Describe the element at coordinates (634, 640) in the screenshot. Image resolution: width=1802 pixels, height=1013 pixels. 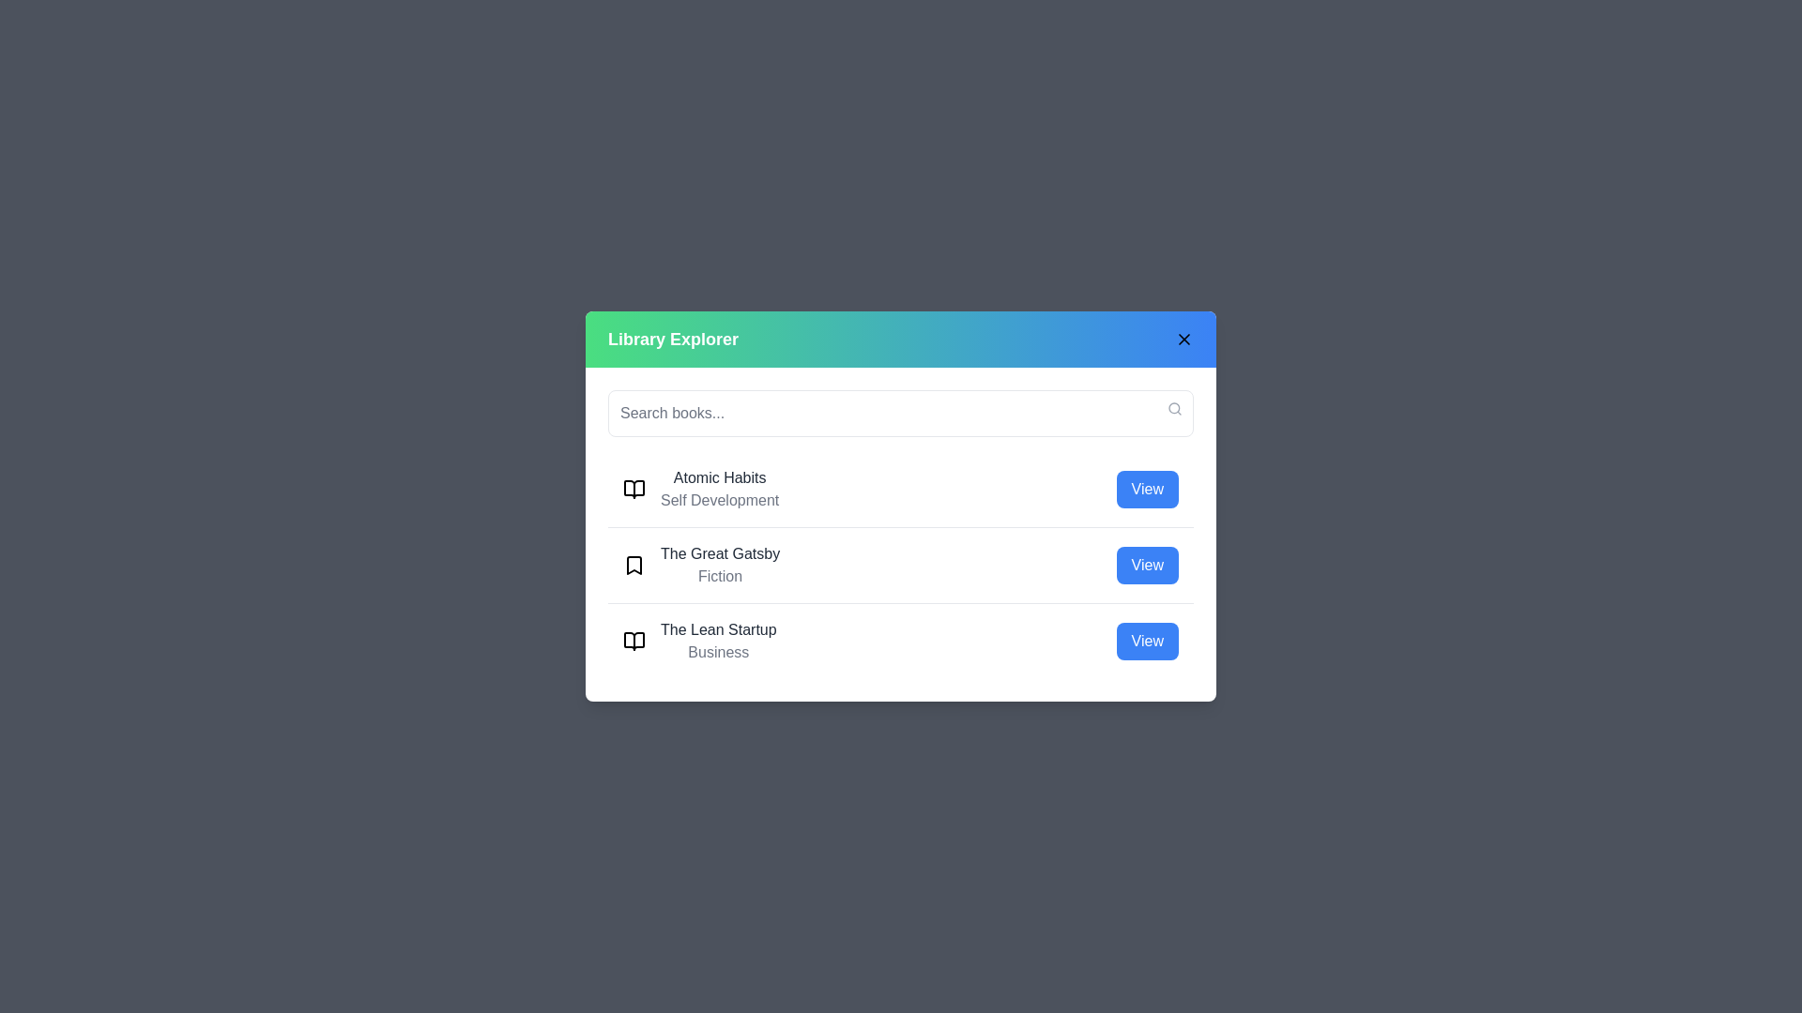
I see `the book icon for The Lean Startup to interact with it` at that location.